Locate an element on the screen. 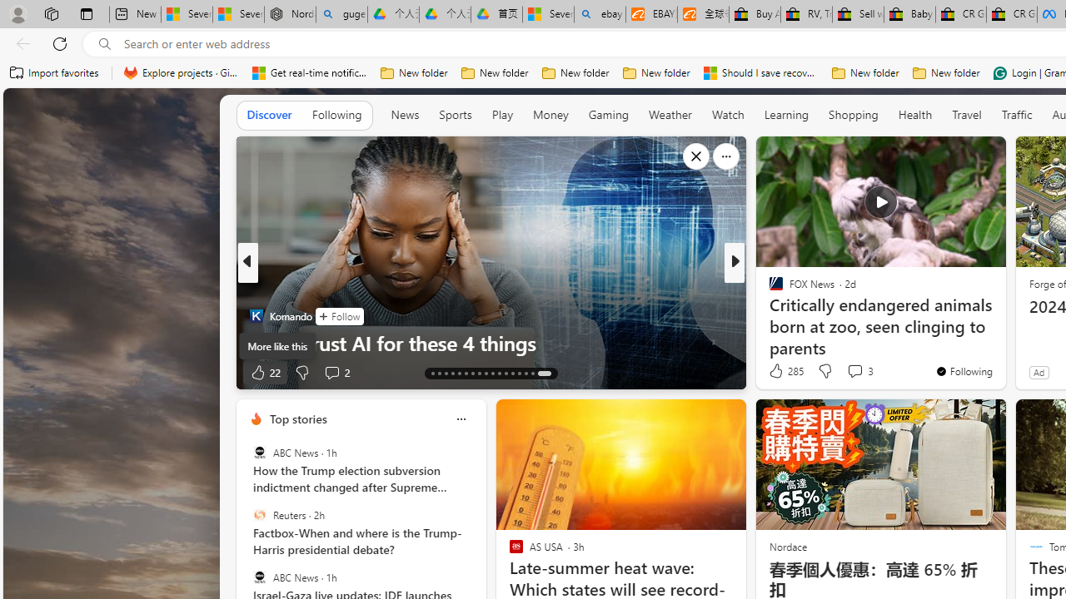 The height and width of the screenshot is (599, 1066). 'AutomationID: tab-39' is located at coordinates (519, 372).